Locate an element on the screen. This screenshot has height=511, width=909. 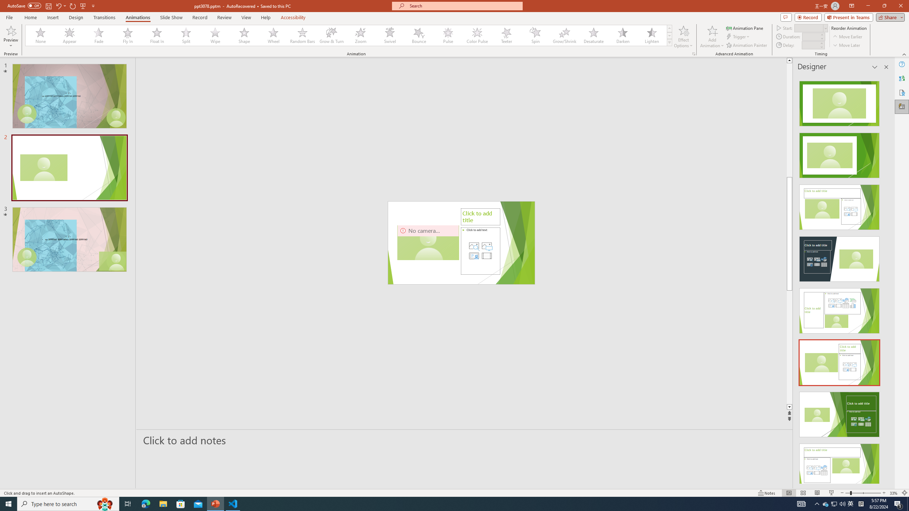
'Zoom 33%' is located at coordinates (893, 493).